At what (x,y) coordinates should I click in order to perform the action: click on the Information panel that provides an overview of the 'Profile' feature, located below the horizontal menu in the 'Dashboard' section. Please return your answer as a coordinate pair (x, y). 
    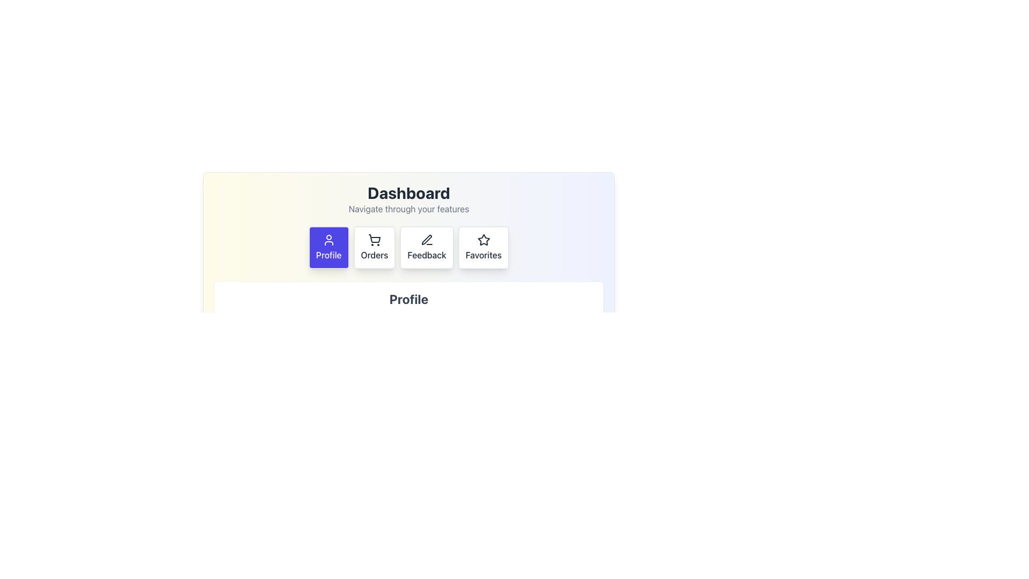
    Looking at the image, I should click on (408, 310).